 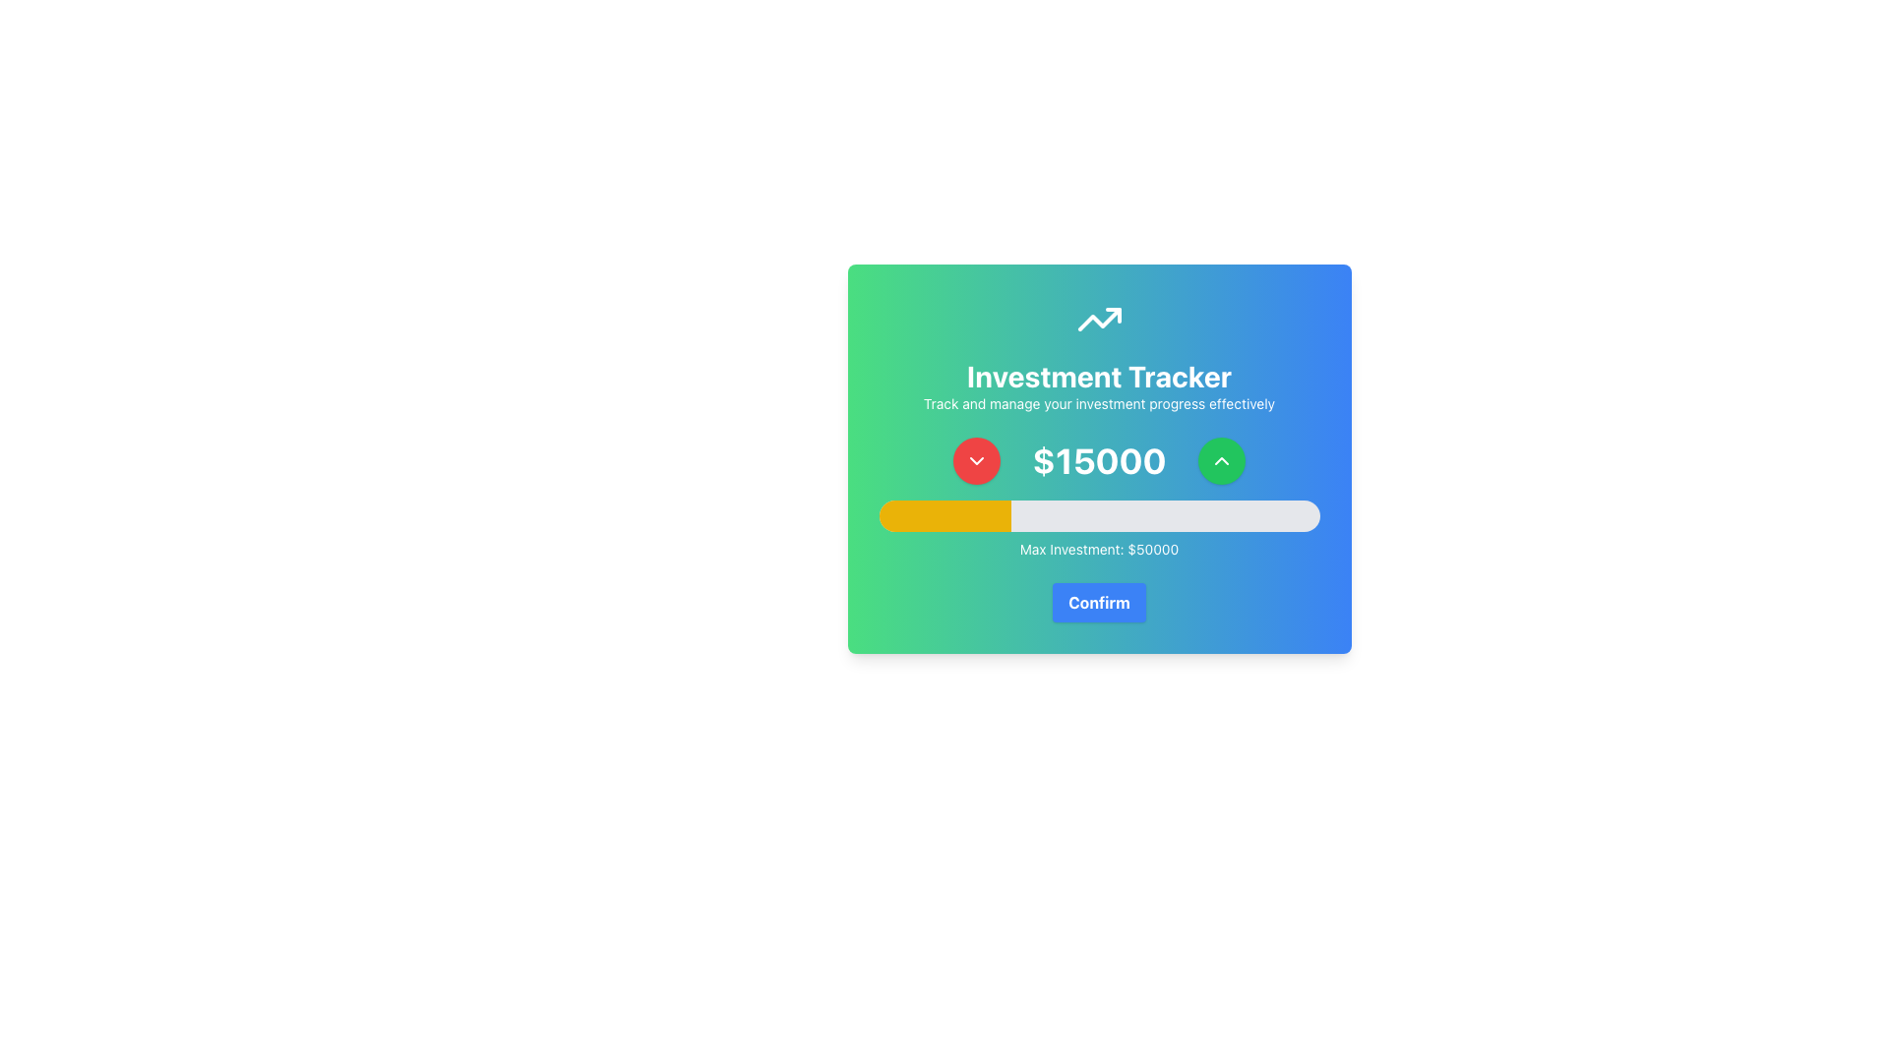 What do you see at coordinates (1217, 514) in the screenshot?
I see `progress` at bounding box center [1217, 514].